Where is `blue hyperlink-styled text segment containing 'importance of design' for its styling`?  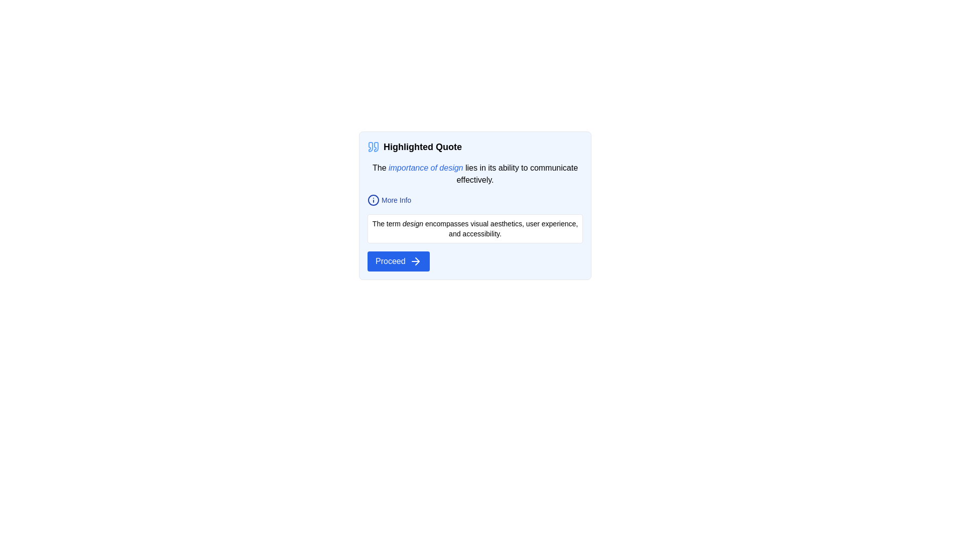 blue hyperlink-styled text segment containing 'importance of design' for its styling is located at coordinates (426, 167).